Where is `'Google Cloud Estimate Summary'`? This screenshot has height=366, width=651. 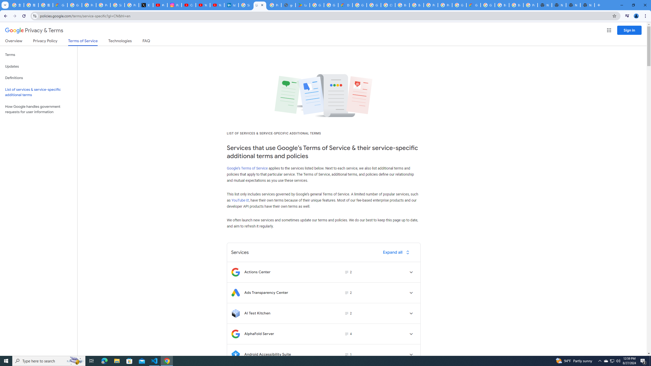 'Google Cloud Estimate Summary' is located at coordinates (474, 5).